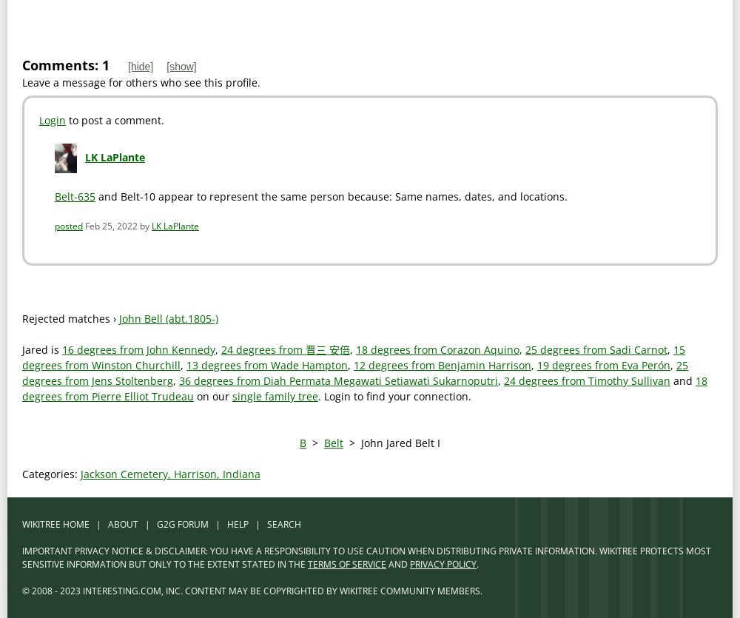  What do you see at coordinates (284, 524) in the screenshot?
I see `'SEARCH'` at bounding box center [284, 524].